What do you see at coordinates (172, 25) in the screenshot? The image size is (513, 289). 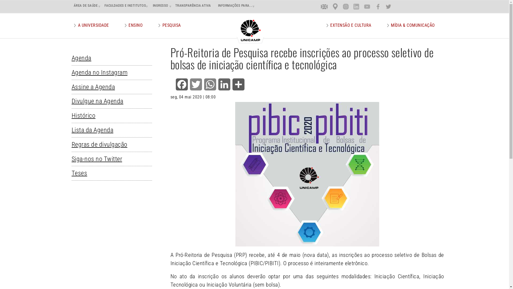 I see `'PESQUISA'` at bounding box center [172, 25].